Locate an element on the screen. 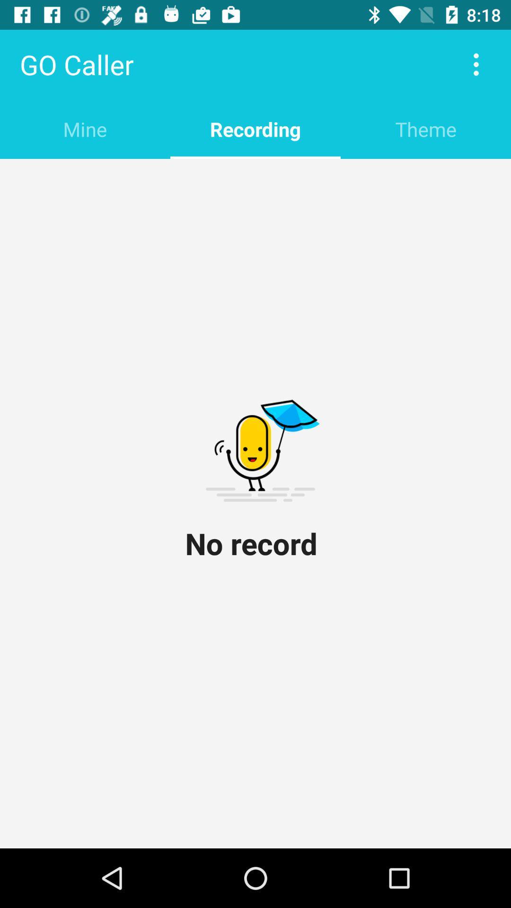 This screenshot has width=511, height=908. the item next to recording item is located at coordinates (85, 129).